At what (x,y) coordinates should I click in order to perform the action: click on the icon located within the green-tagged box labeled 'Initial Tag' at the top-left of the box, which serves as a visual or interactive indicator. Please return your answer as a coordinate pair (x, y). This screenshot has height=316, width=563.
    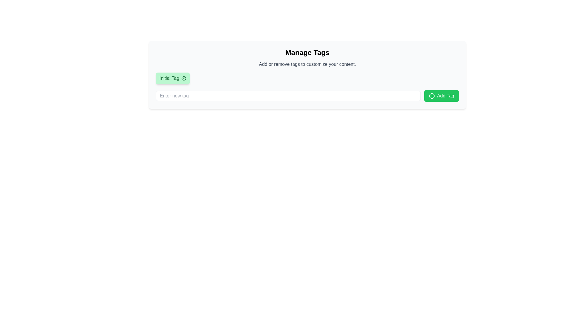
    Looking at the image, I should click on (184, 78).